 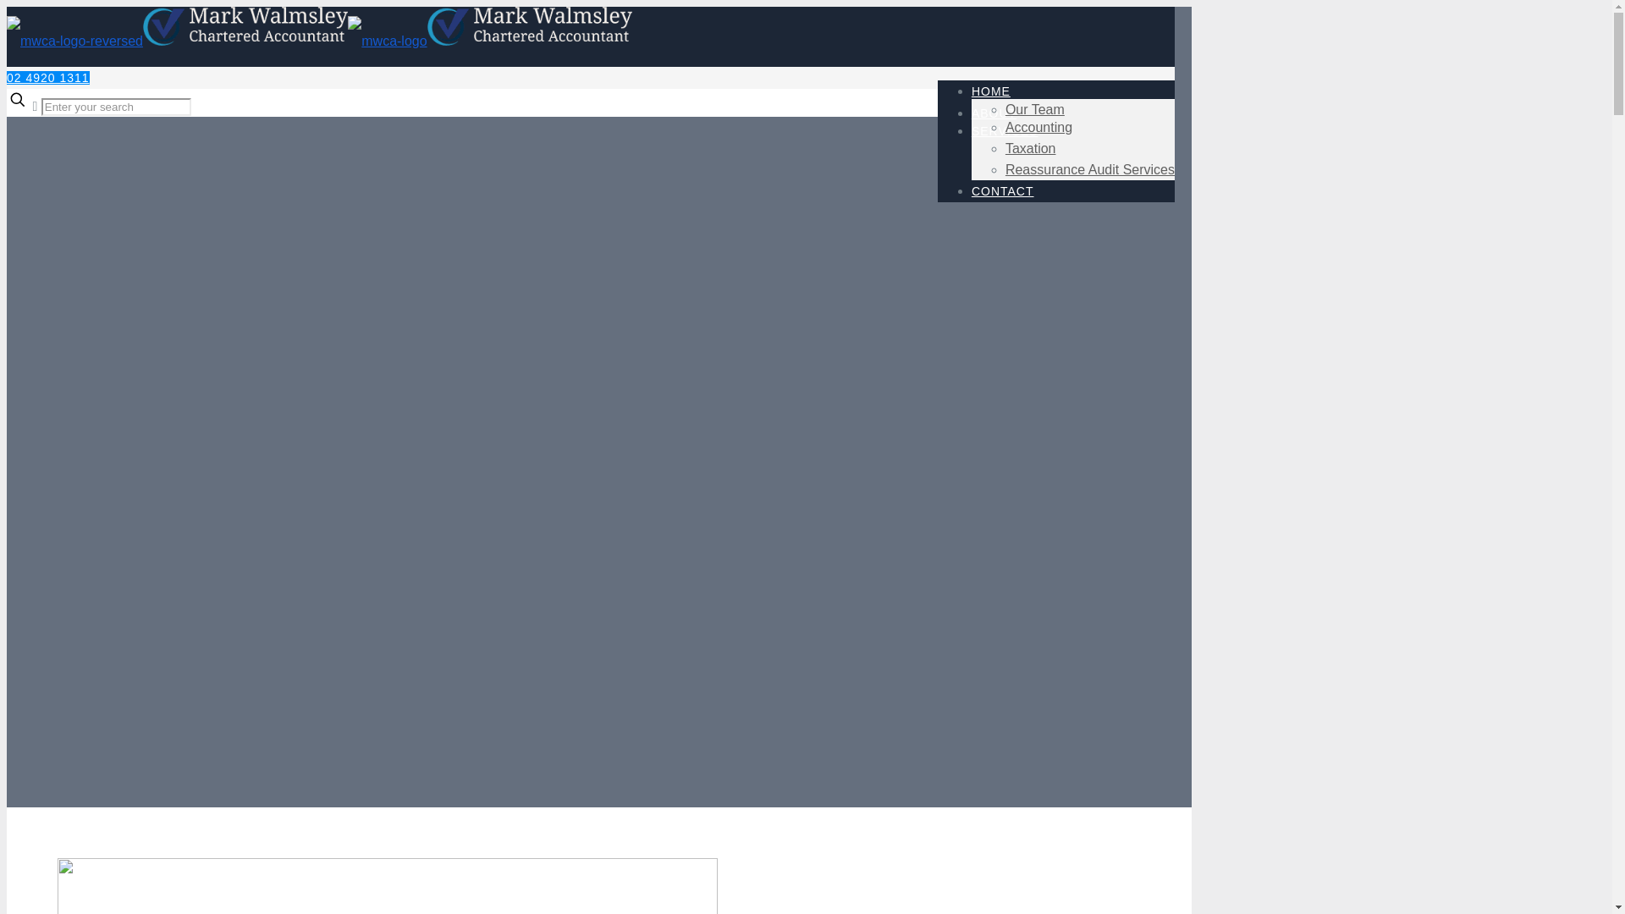 I want to click on 'HOME', so click(x=991, y=91).